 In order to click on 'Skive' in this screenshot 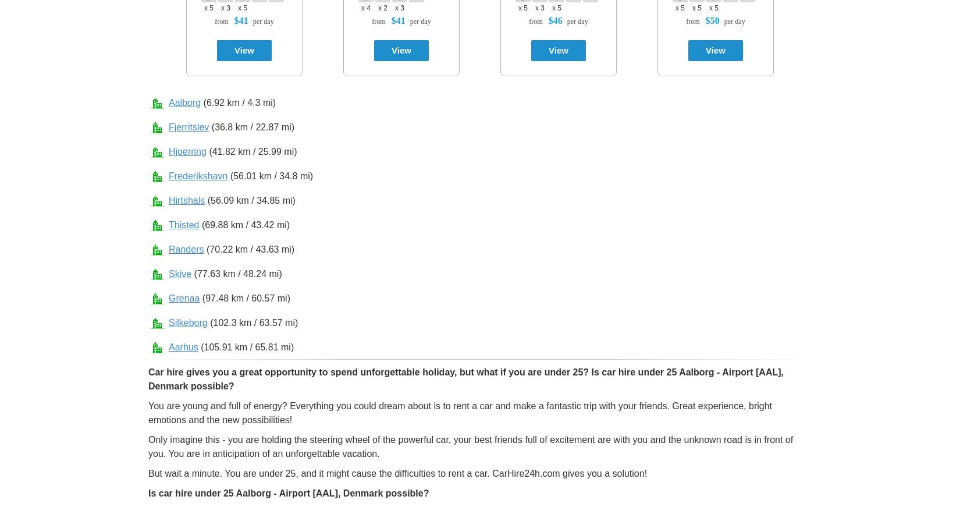, I will do `click(180, 274)`.